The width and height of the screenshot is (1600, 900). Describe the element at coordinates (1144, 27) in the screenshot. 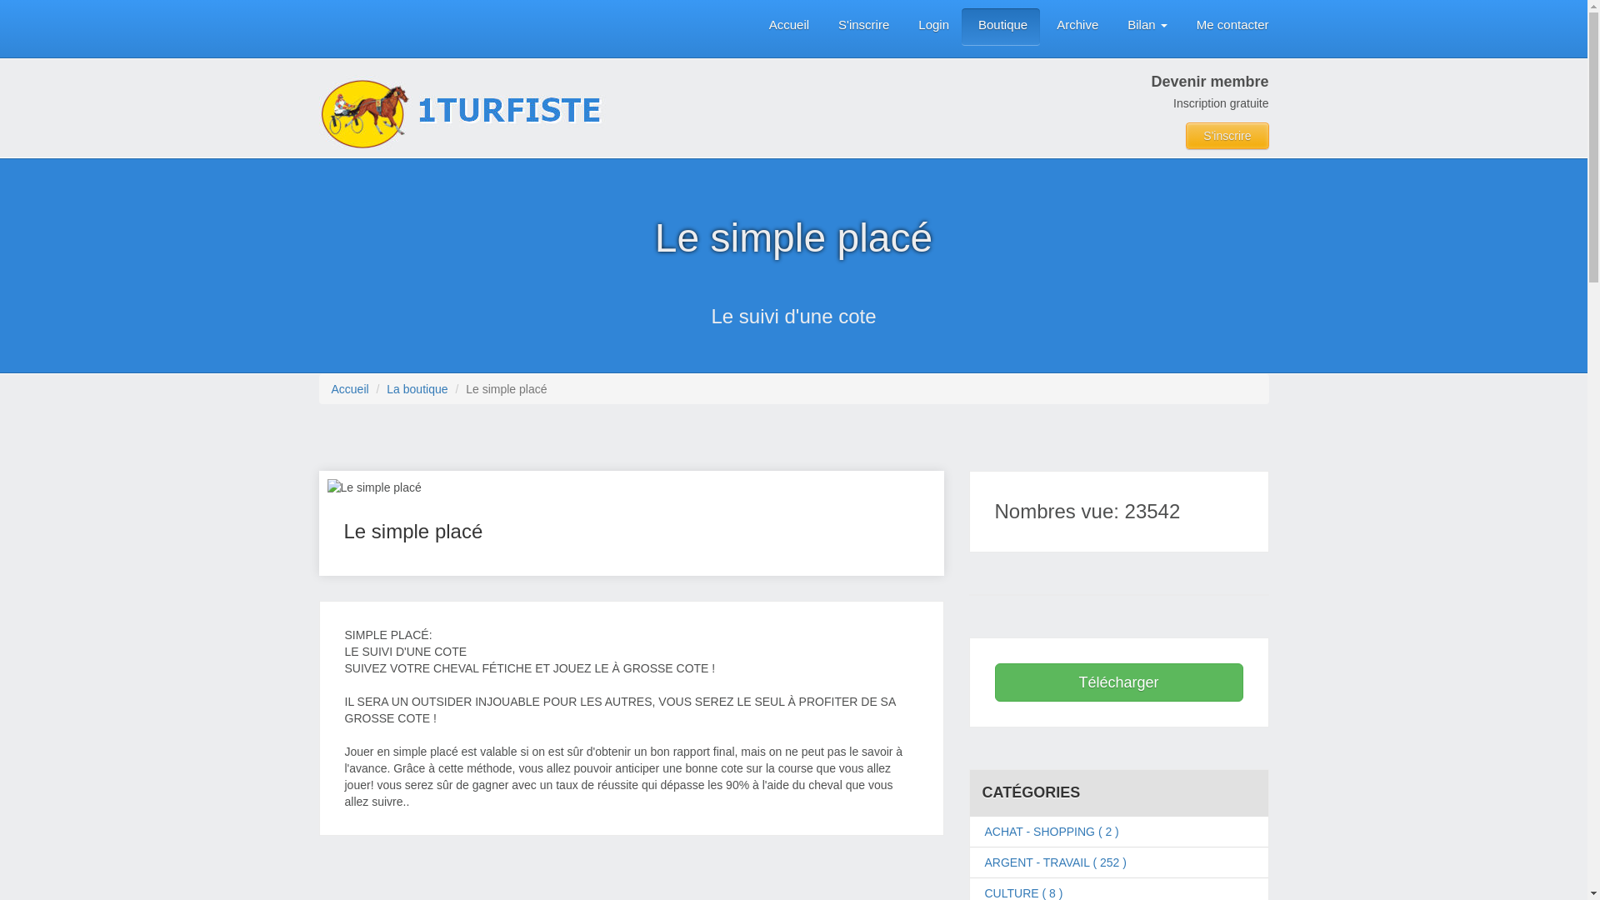

I see `'Bilan'` at that location.